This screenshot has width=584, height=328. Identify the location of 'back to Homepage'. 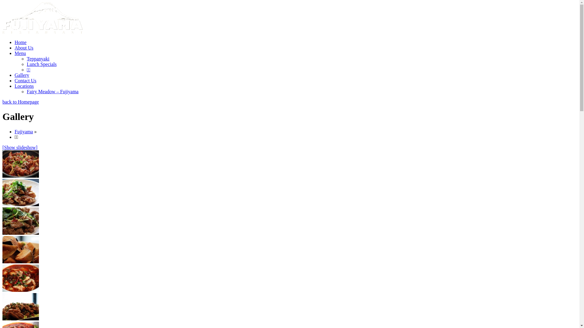
(20, 101).